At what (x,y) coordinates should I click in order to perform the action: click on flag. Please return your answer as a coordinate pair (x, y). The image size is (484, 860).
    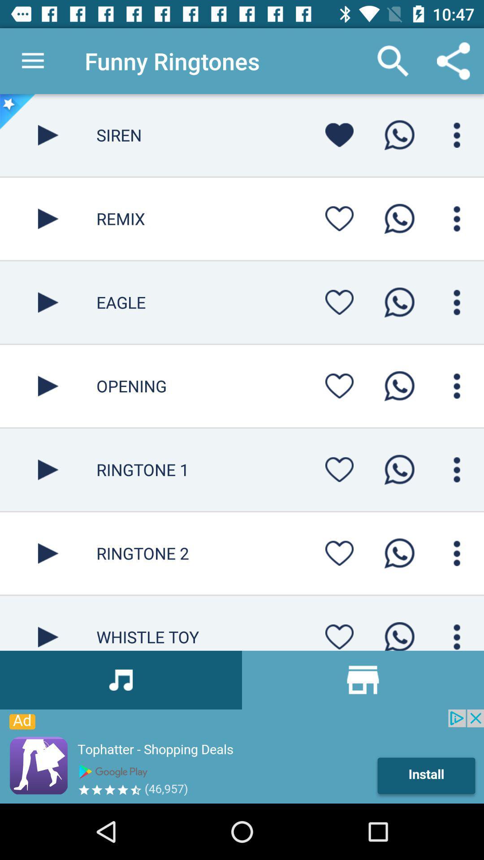
    Looking at the image, I should click on (339, 634).